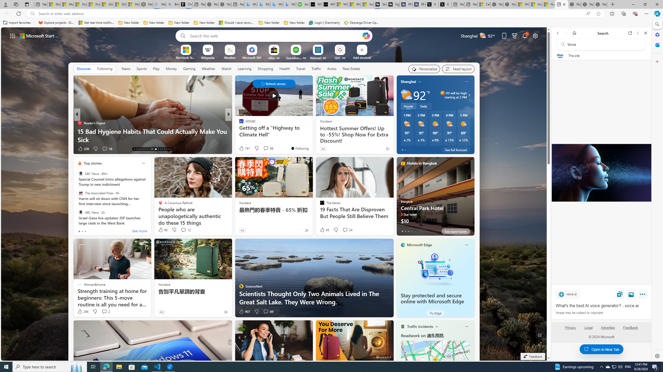 This screenshot has width=663, height=372. What do you see at coordinates (134, 149) in the screenshot?
I see `'AutomationID: tab-13'` at bounding box center [134, 149].